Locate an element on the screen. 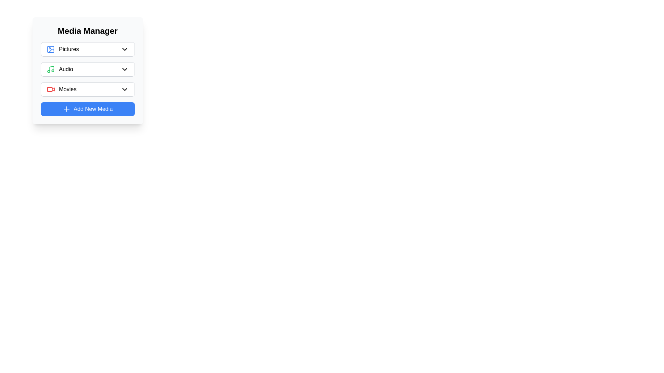  the 'Audio' category icon in the media manager, located in the second row of the media type selection menu, to the left of the 'Audio' text label is located at coordinates (50, 69).